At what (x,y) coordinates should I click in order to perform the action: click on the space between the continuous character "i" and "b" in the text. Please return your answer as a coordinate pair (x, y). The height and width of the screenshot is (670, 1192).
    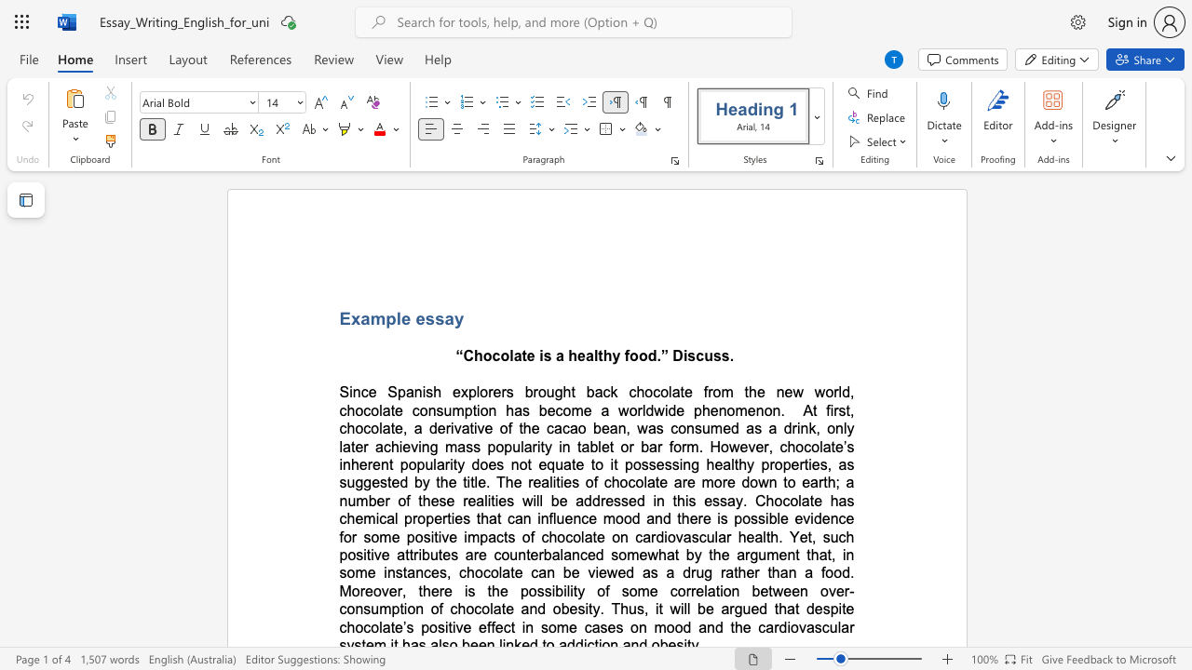
    Looking at the image, I should click on (770, 518).